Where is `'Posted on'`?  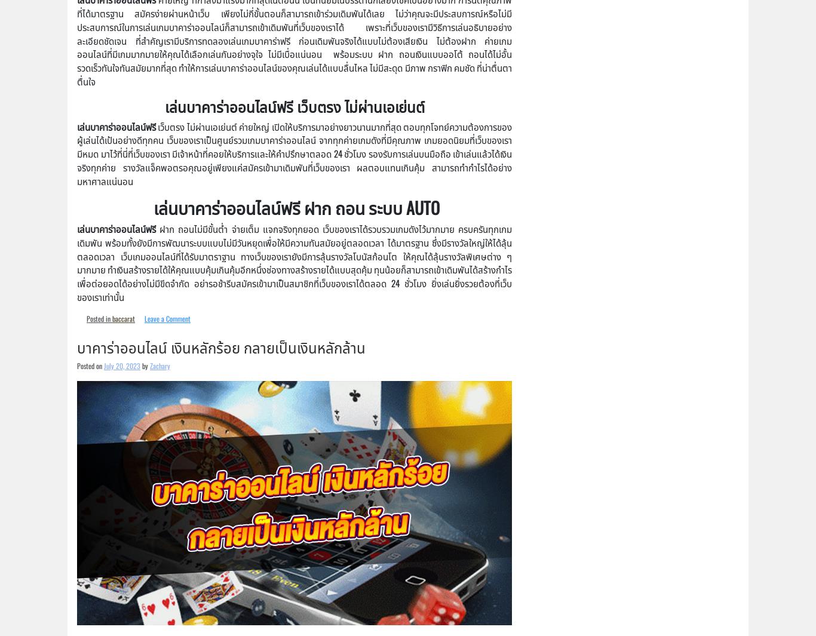
'Posted on' is located at coordinates (76, 365).